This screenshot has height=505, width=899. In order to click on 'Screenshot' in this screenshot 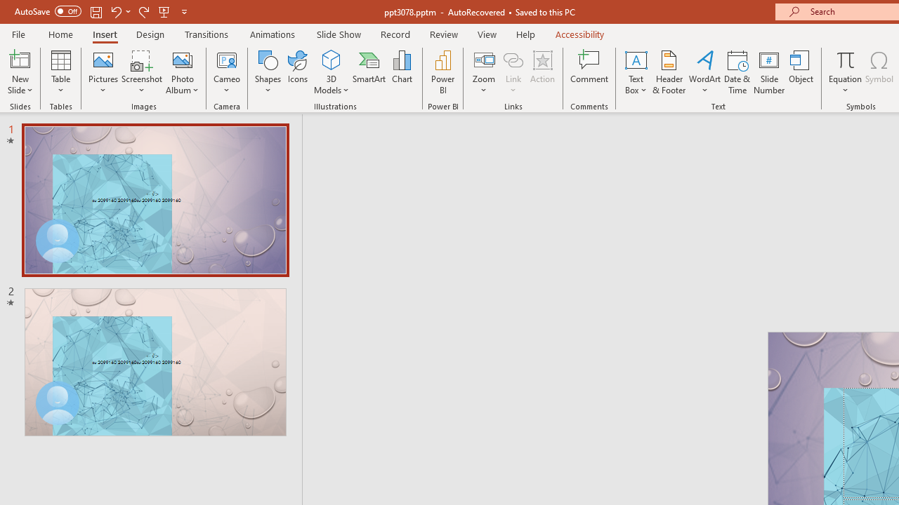, I will do `click(142, 72)`.